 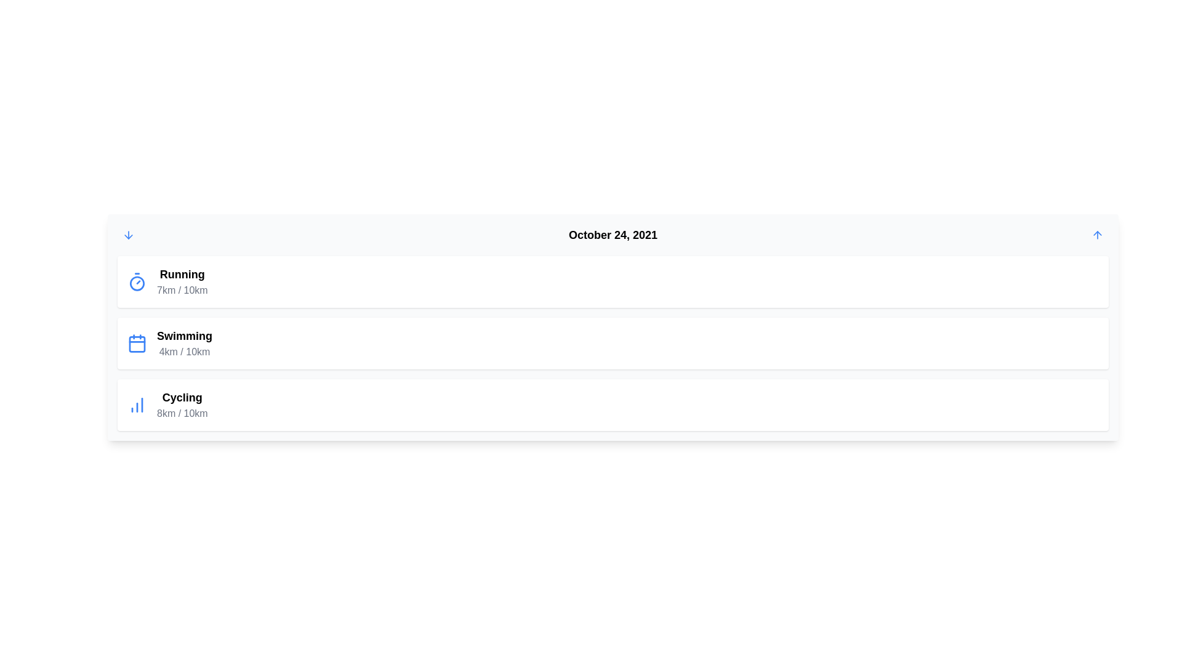 I want to click on the text label that serves as a heading for the third activity card, which is located above the distance text ('8km / 10km'), in a vertical list of activity cards, so click(x=182, y=397).